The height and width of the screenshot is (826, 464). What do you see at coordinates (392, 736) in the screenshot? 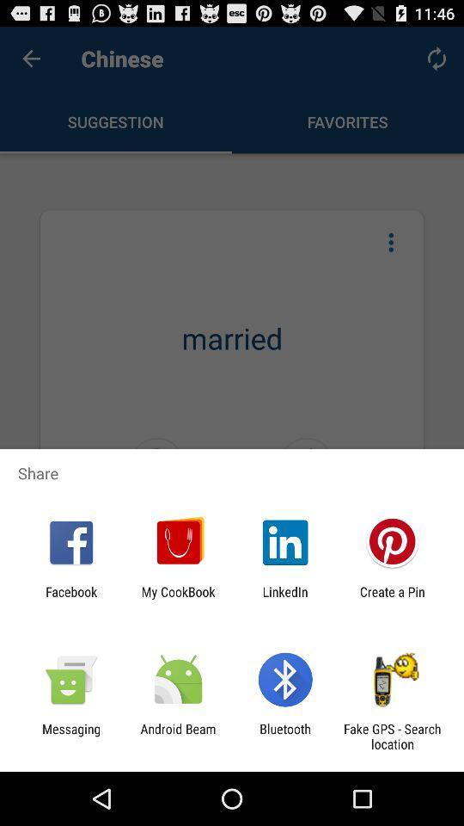
I see `item to the right of the bluetooth icon` at bounding box center [392, 736].